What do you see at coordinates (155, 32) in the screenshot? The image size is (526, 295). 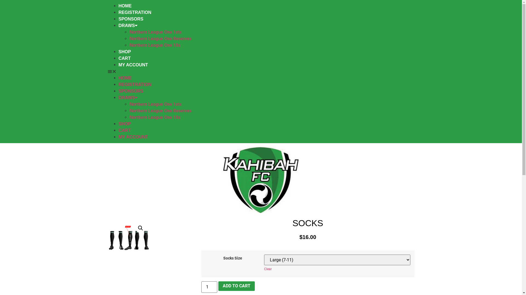 I see `'Northern League One 1sts'` at bounding box center [155, 32].